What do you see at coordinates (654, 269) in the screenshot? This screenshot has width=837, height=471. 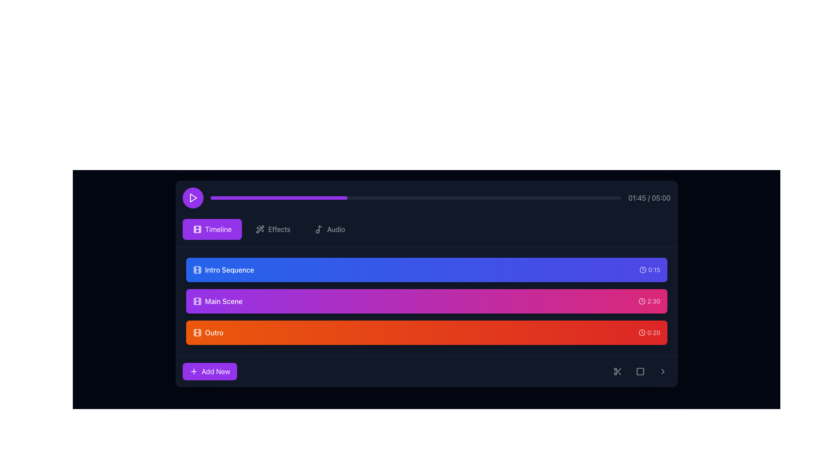 I see `the static informational label indicating the time duration, located on the far right side of the first row of the timeline-like list after the clock icon` at bounding box center [654, 269].